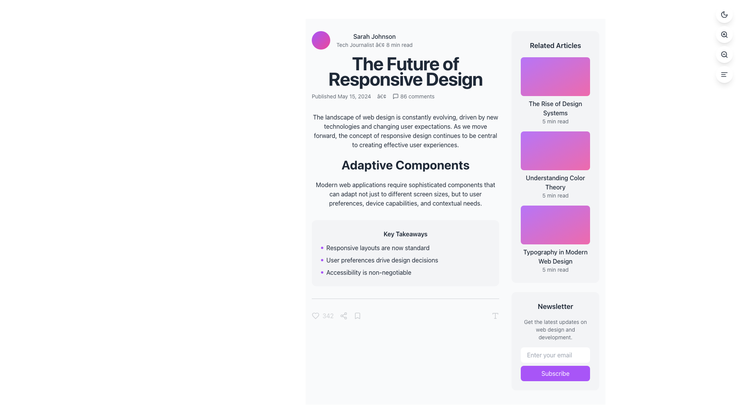 This screenshot has width=739, height=415. I want to click on the Text Label that introduces the summary or key points of the content, located at the top of a gray box before a bulleted list, so click(405, 234).